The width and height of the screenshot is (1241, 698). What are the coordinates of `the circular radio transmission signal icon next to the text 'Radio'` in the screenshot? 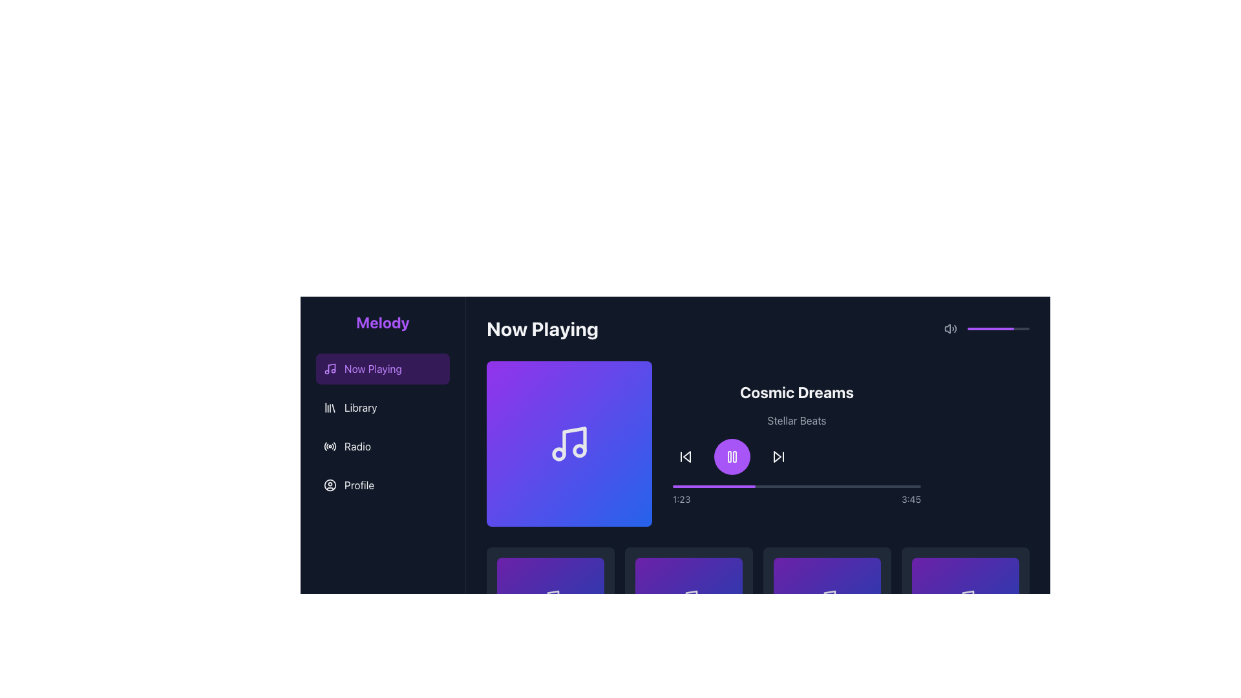 It's located at (330, 445).